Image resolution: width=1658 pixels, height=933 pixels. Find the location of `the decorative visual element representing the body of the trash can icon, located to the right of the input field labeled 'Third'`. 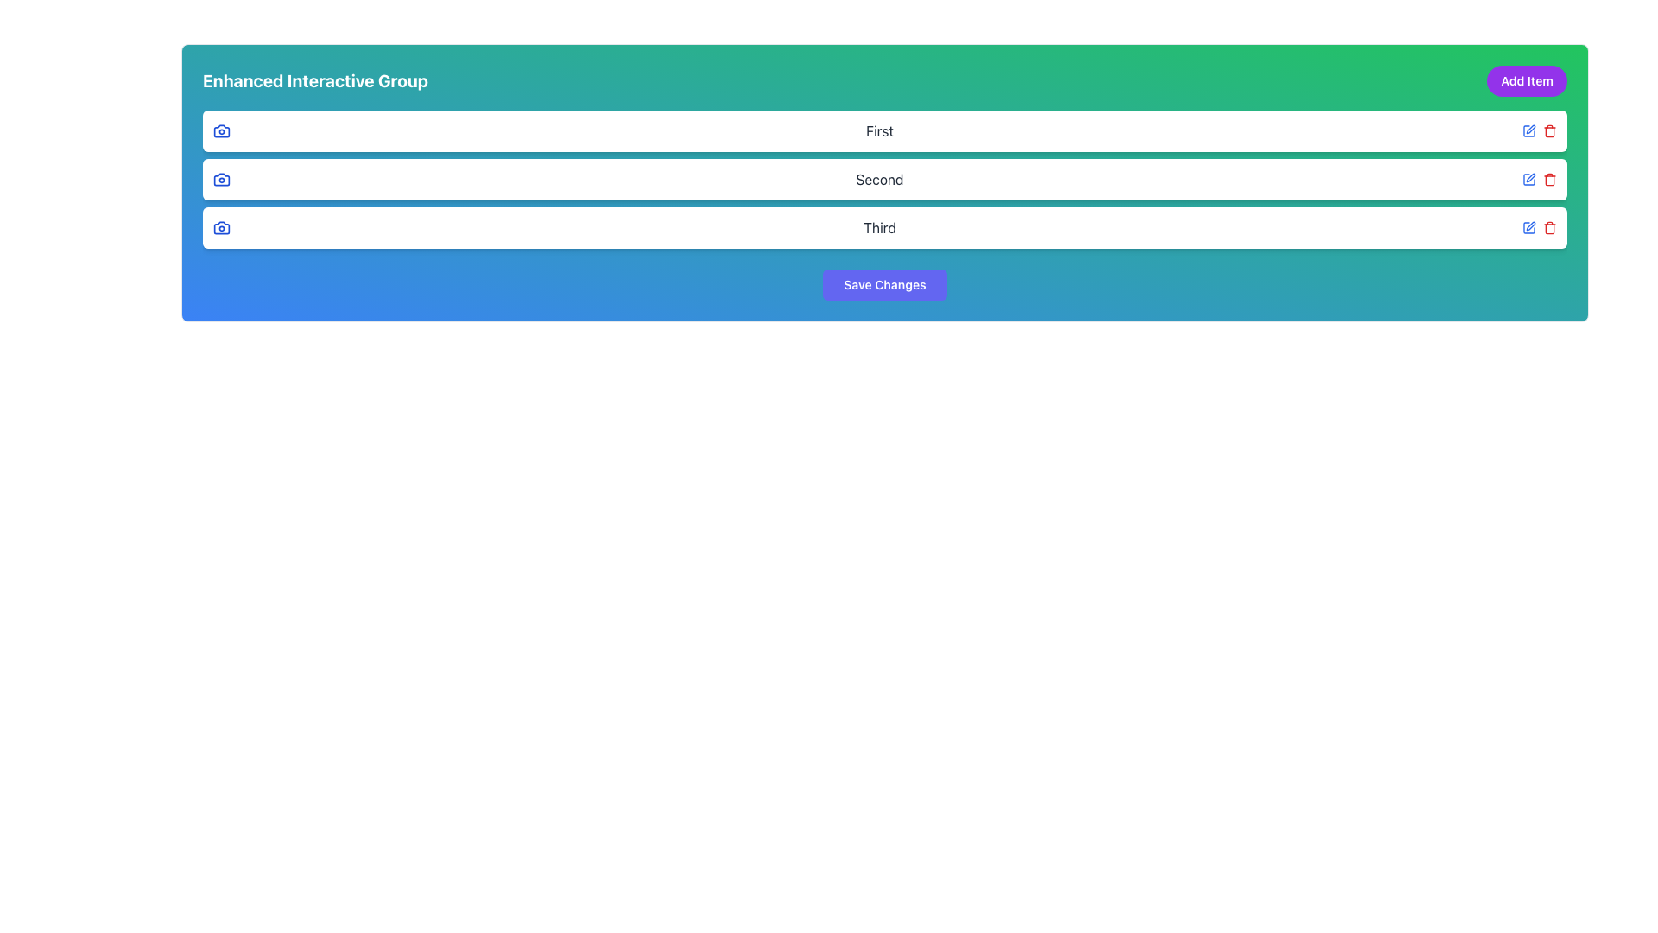

the decorative visual element representing the body of the trash can icon, located to the right of the input field labeled 'Third' is located at coordinates (1550, 131).